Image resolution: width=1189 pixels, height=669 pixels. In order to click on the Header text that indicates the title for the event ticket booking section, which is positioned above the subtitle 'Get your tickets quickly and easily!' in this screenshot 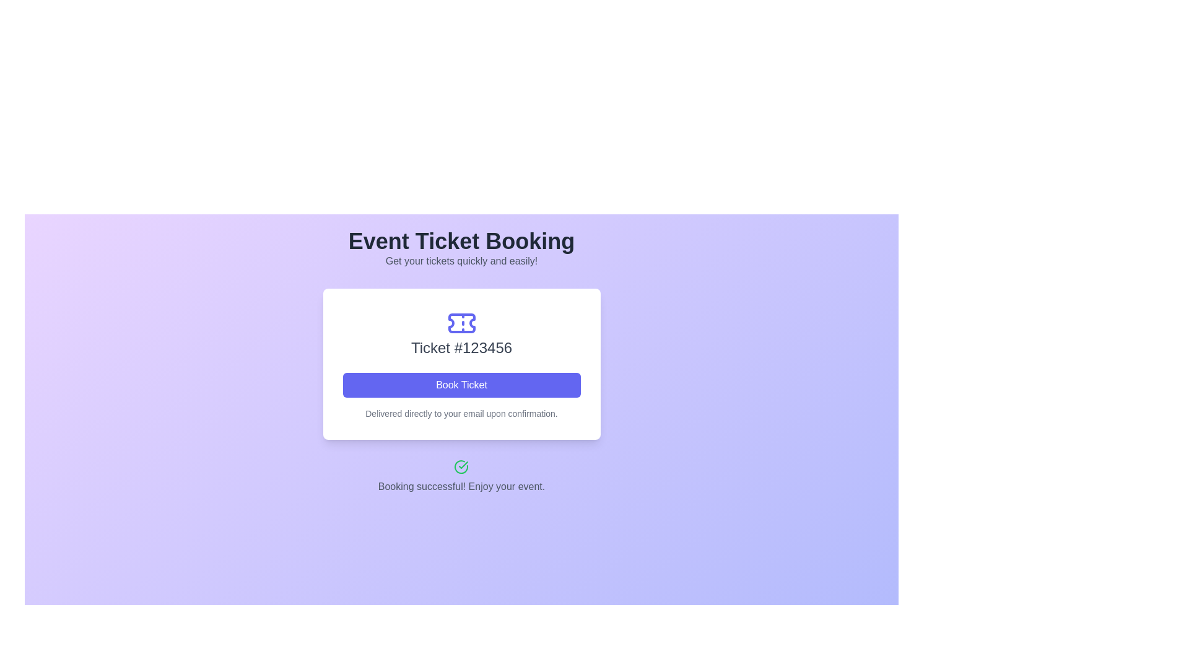, I will do `click(461, 241)`.